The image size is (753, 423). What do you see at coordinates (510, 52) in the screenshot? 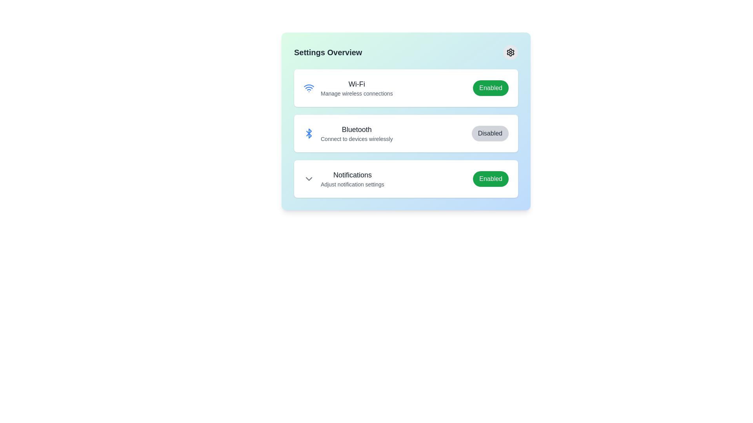
I see `the settings icon button to access settings` at bounding box center [510, 52].